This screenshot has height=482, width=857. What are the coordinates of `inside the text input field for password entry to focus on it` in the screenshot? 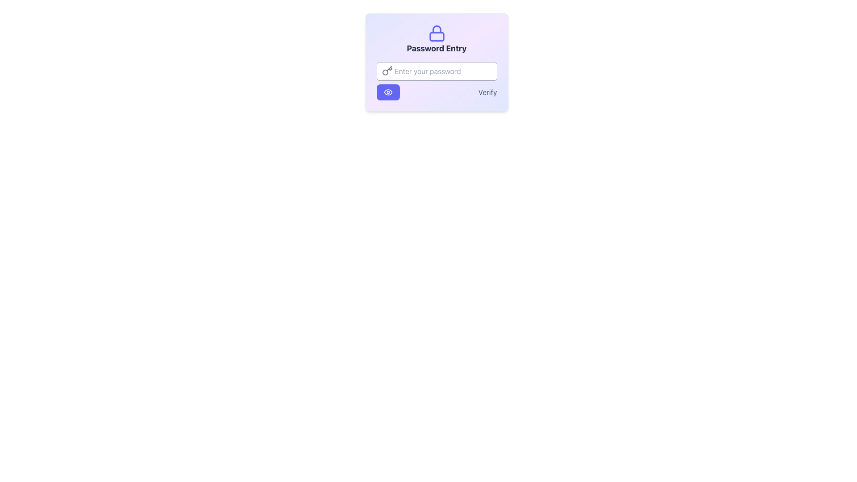 It's located at (437, 71).